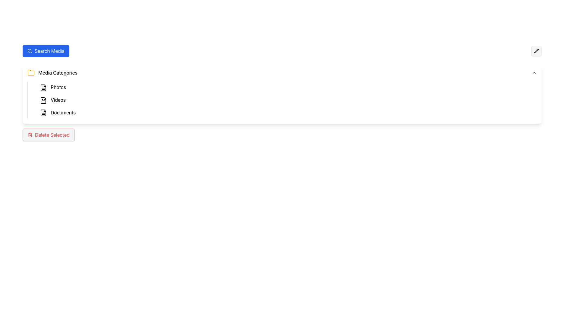  Describe the element at coordinates (536, 50) in the screenshot. I see `the edit icon located in the top-right corner of the interface, which is part of a pencil graphic within an SVG element` at that location.